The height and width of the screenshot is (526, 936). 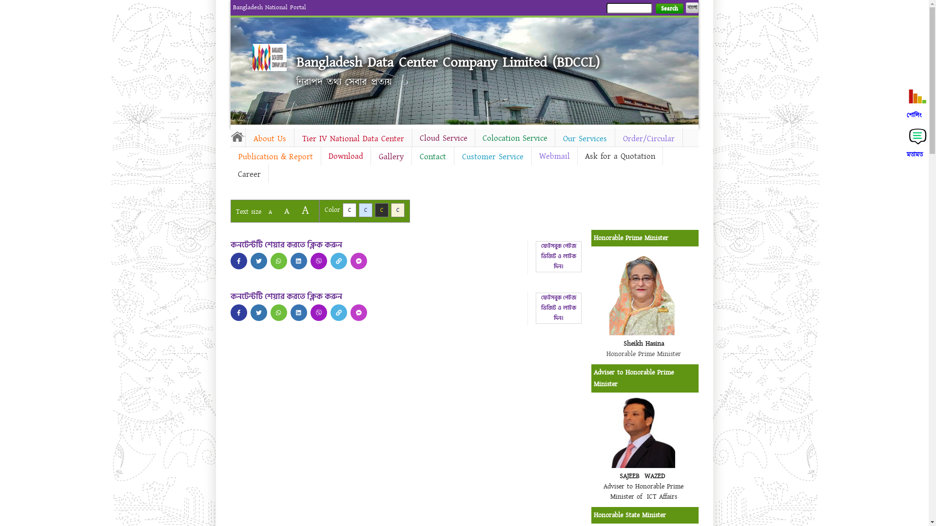 I want to click on 'Publication & Report', so click(x=274, y=156).